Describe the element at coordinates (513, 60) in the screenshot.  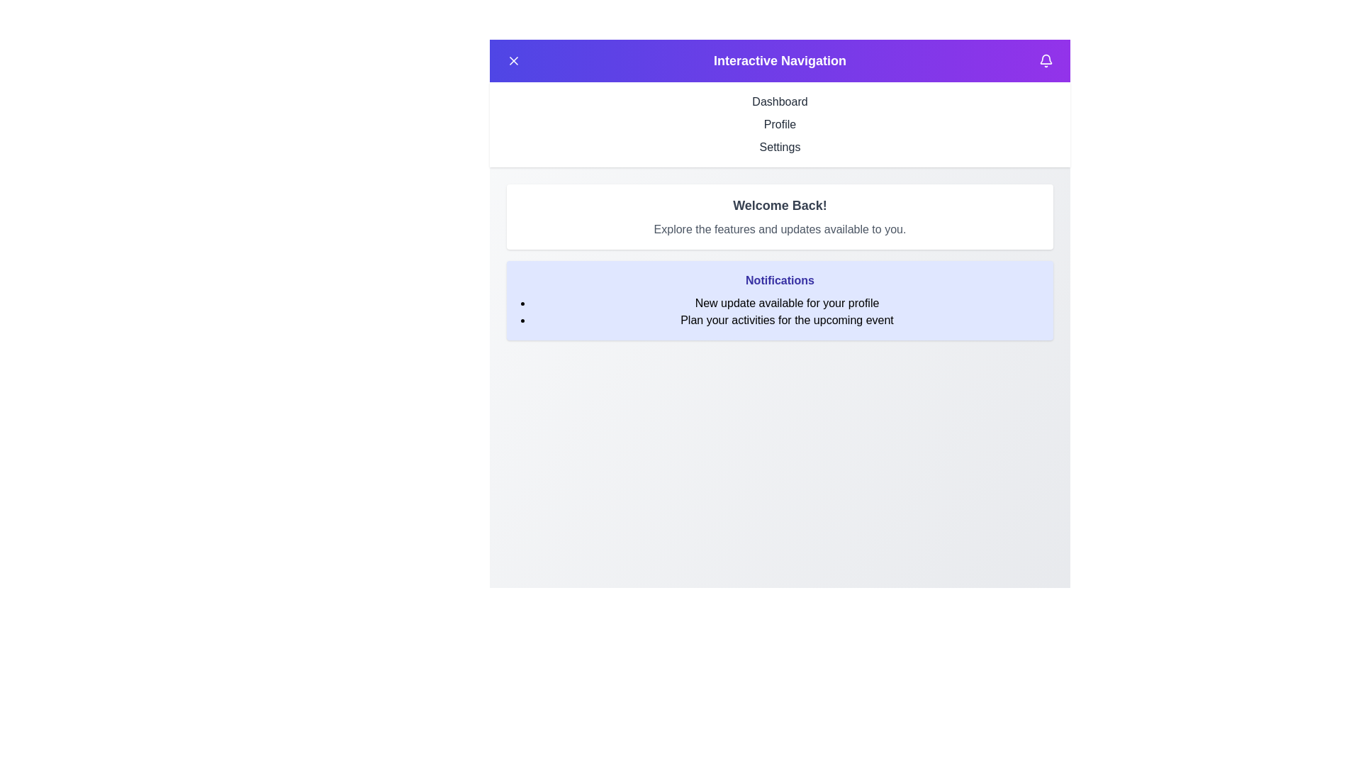
I see `the menu toggle button to toggle the menu visibility` at that location.